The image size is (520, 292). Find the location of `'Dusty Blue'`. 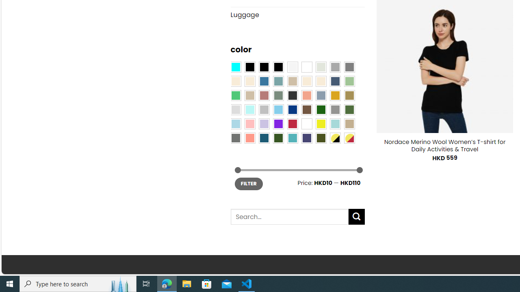

'Dusty Blue' is located at coordinates (320, 94).